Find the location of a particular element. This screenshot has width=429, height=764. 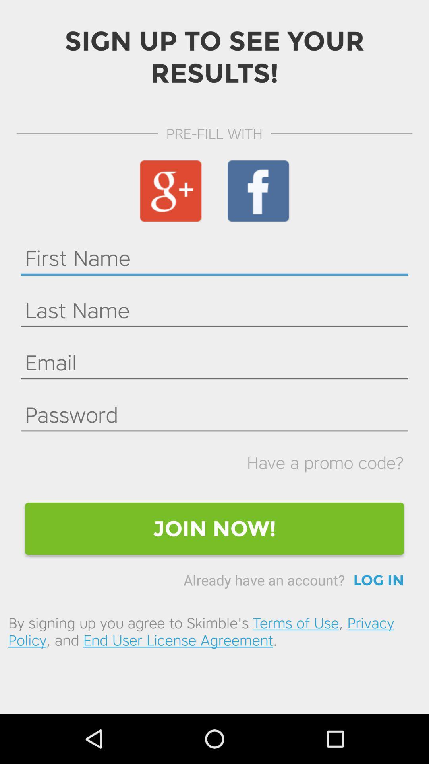

the icon above by signing up icon is located at coordinates (378, 580).